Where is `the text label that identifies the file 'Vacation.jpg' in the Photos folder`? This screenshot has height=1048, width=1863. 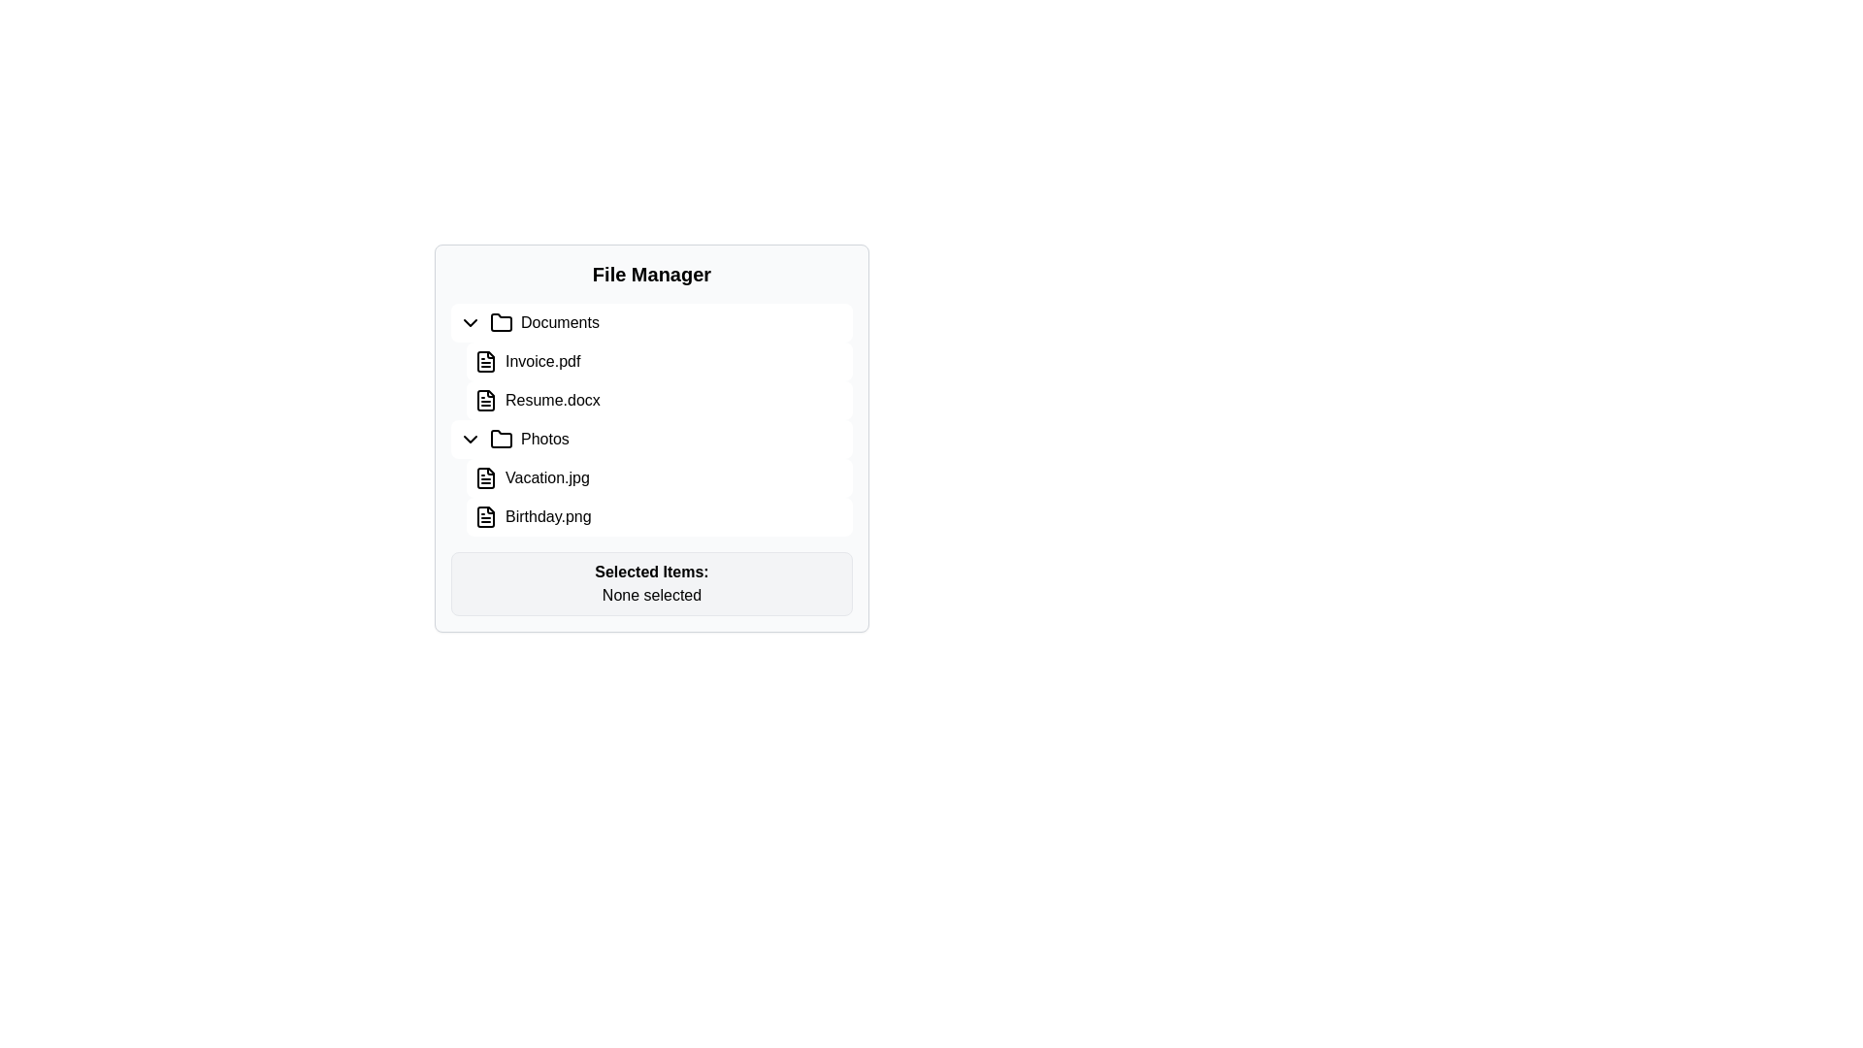
the text label that identifies the file 'Vacation.jpg' in the Photos folder is located at coordinates (546, 478).